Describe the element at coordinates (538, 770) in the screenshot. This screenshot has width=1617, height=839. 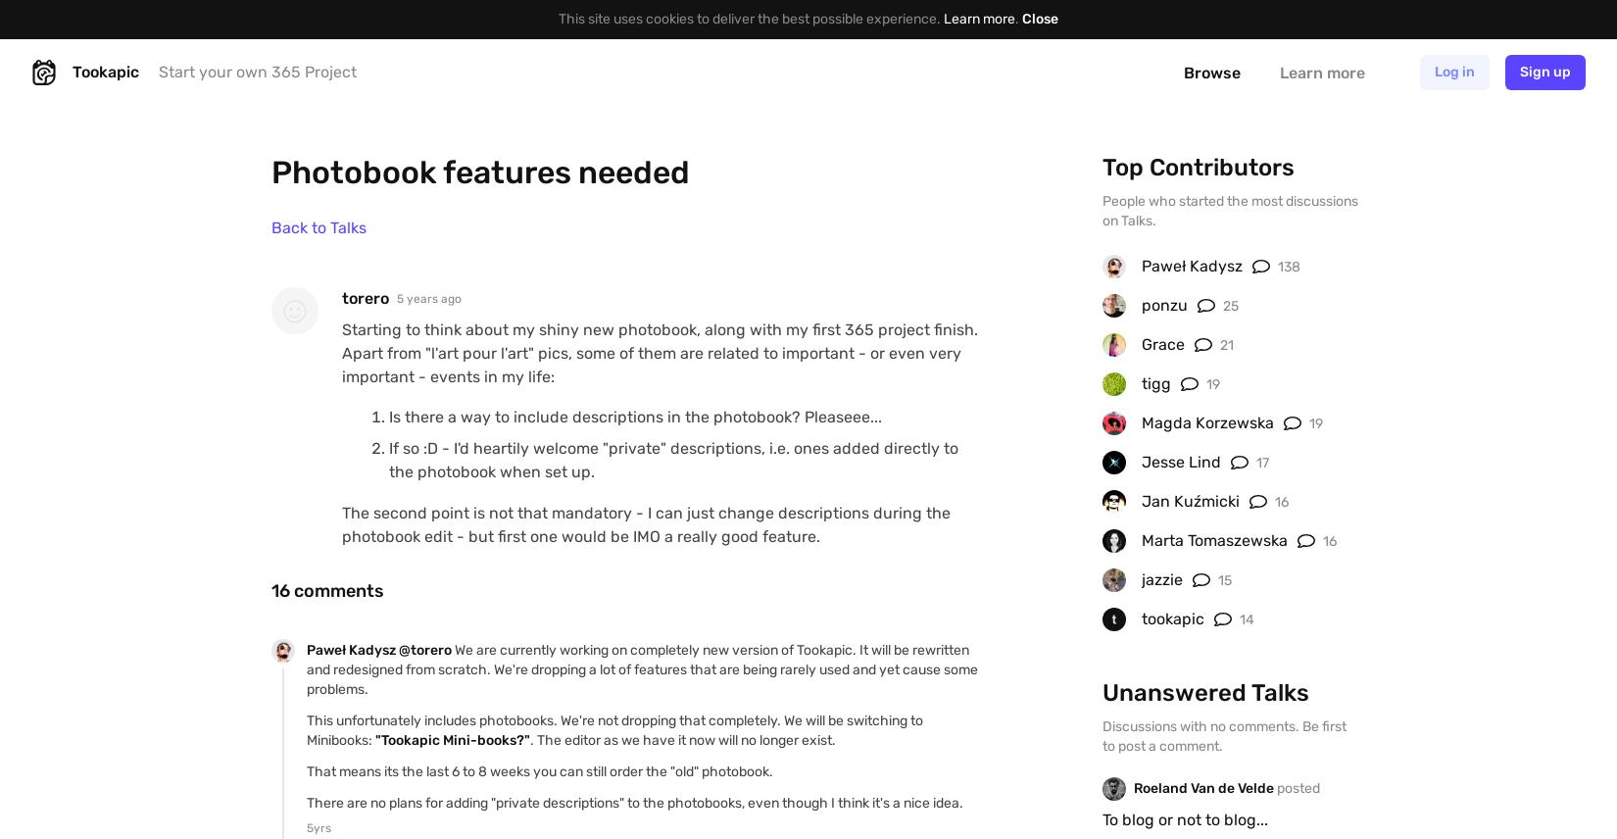
I see `'That means its the last 6 to 8 weeks you can still order the "old" photobook.'` at that location.